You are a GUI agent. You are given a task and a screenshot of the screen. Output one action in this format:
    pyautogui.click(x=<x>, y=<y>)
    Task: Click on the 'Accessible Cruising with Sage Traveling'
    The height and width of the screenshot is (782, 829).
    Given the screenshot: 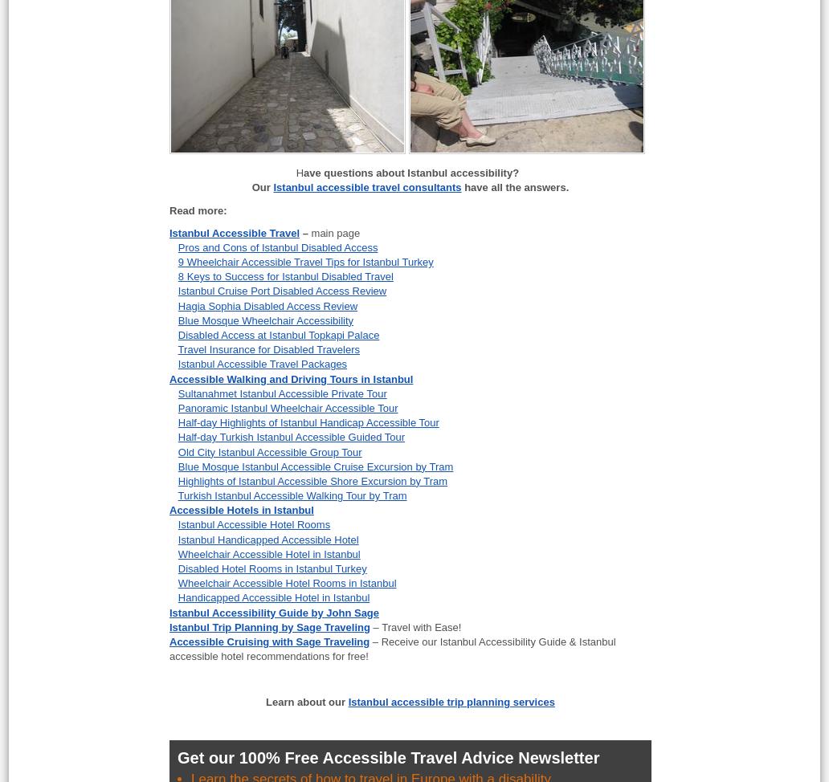 What is the action you would take?
    pyautogui.click(x=269, y=640)
    